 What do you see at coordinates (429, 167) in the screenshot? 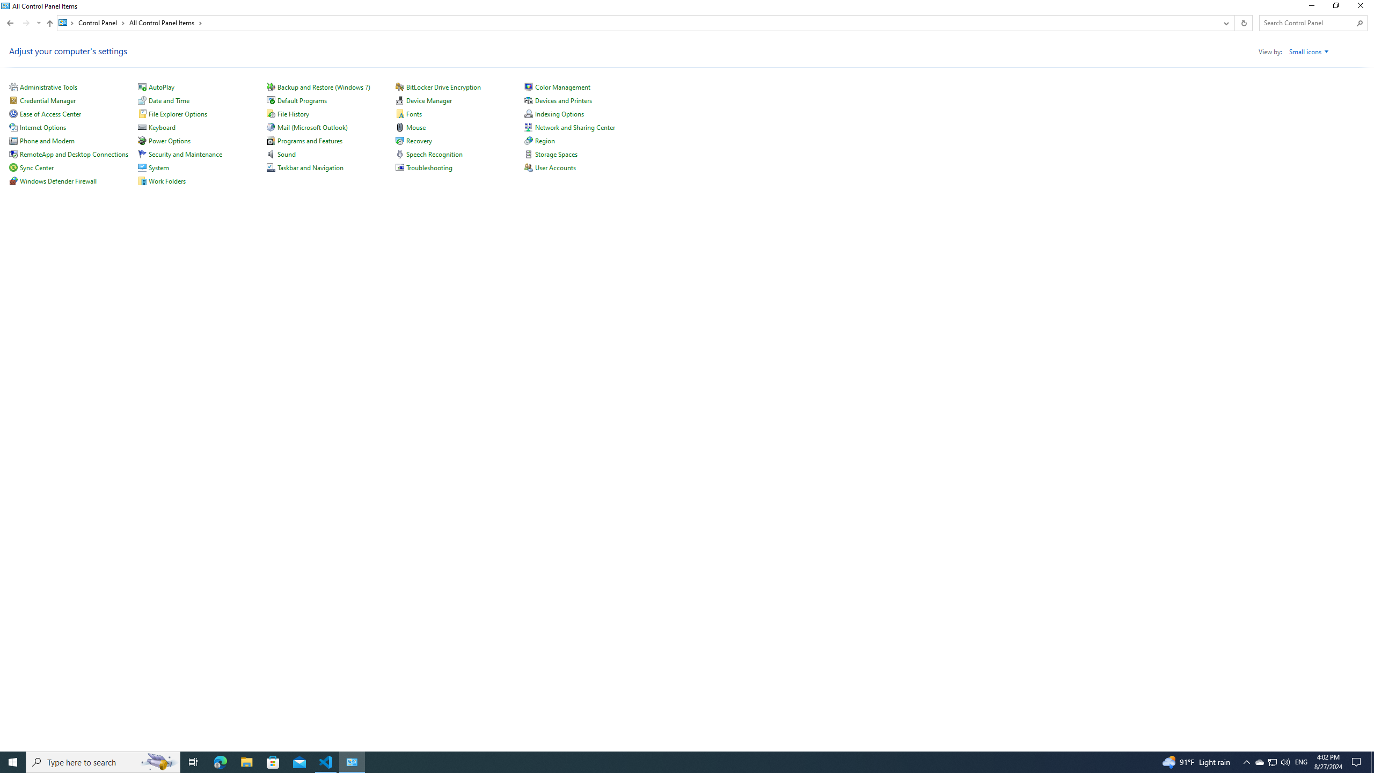
I see `'Troubleshooting'` at bounding box center [429, 167].